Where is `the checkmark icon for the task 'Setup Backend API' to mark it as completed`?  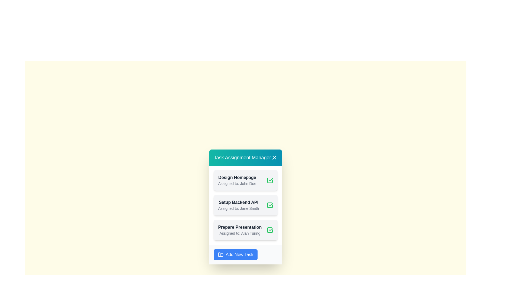
the checkmark icon for the task 'Setup Backend API' to mark it as completed is located at coordinates (270, 205).